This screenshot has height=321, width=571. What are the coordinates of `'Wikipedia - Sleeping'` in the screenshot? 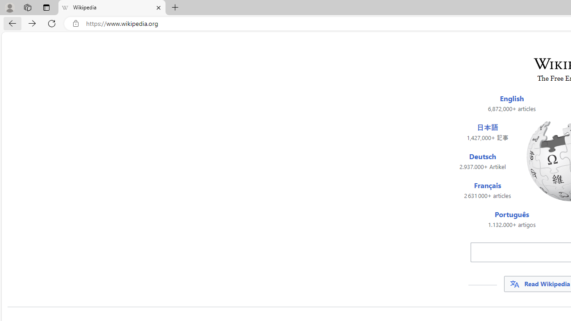 It's located at (111, 8).